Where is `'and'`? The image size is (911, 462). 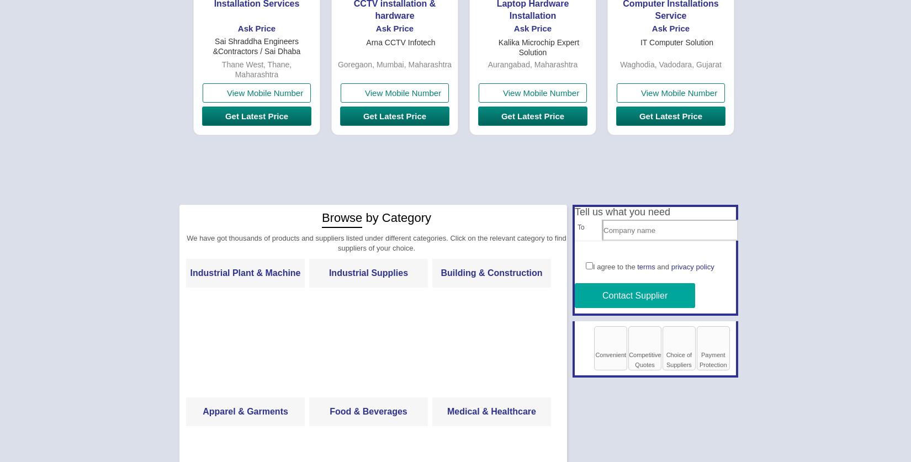
'and' is located at coordinates (663, 266).